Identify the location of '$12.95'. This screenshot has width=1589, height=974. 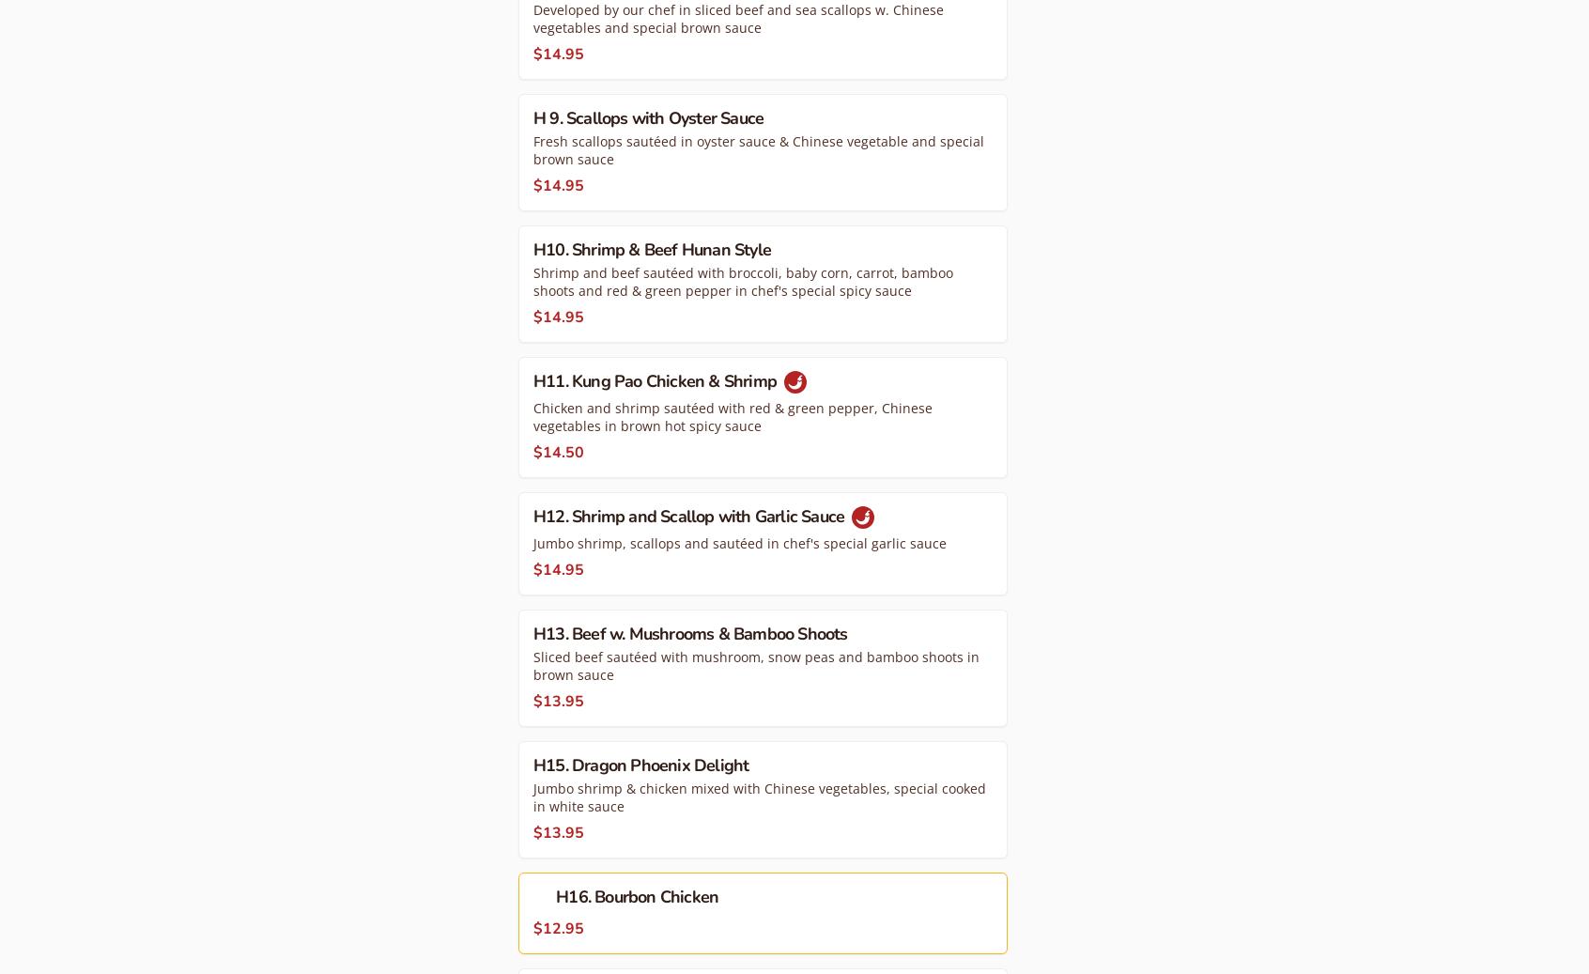
(558, 927).